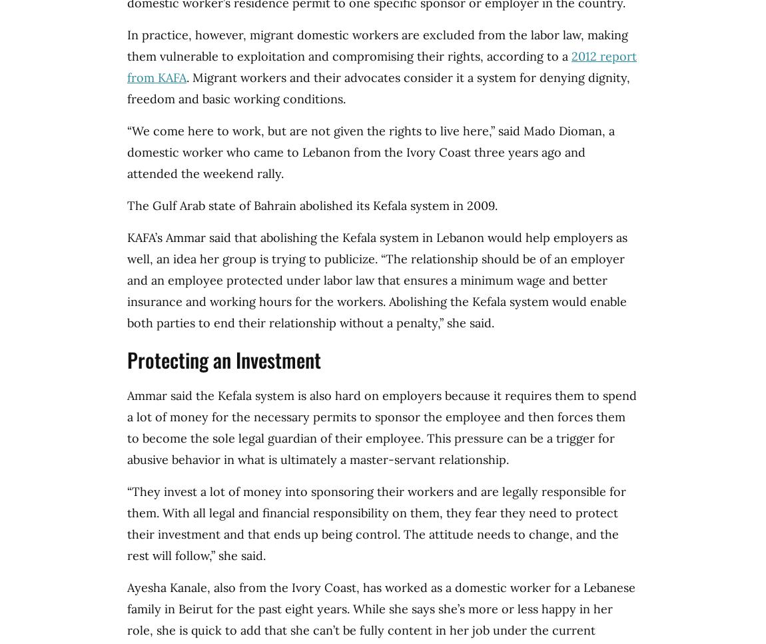 Image resolution: width=766 pixels, height=644 pixels. I want to click on 'Ayesha Kanale', so click(167, 587).